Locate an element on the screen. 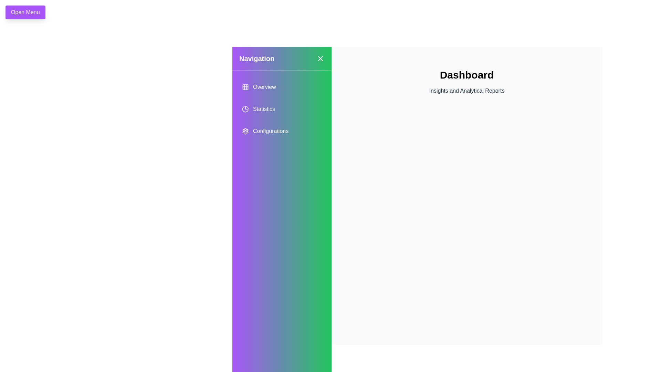  the navigation item labeled Overview is located at coordinates (282, 87).